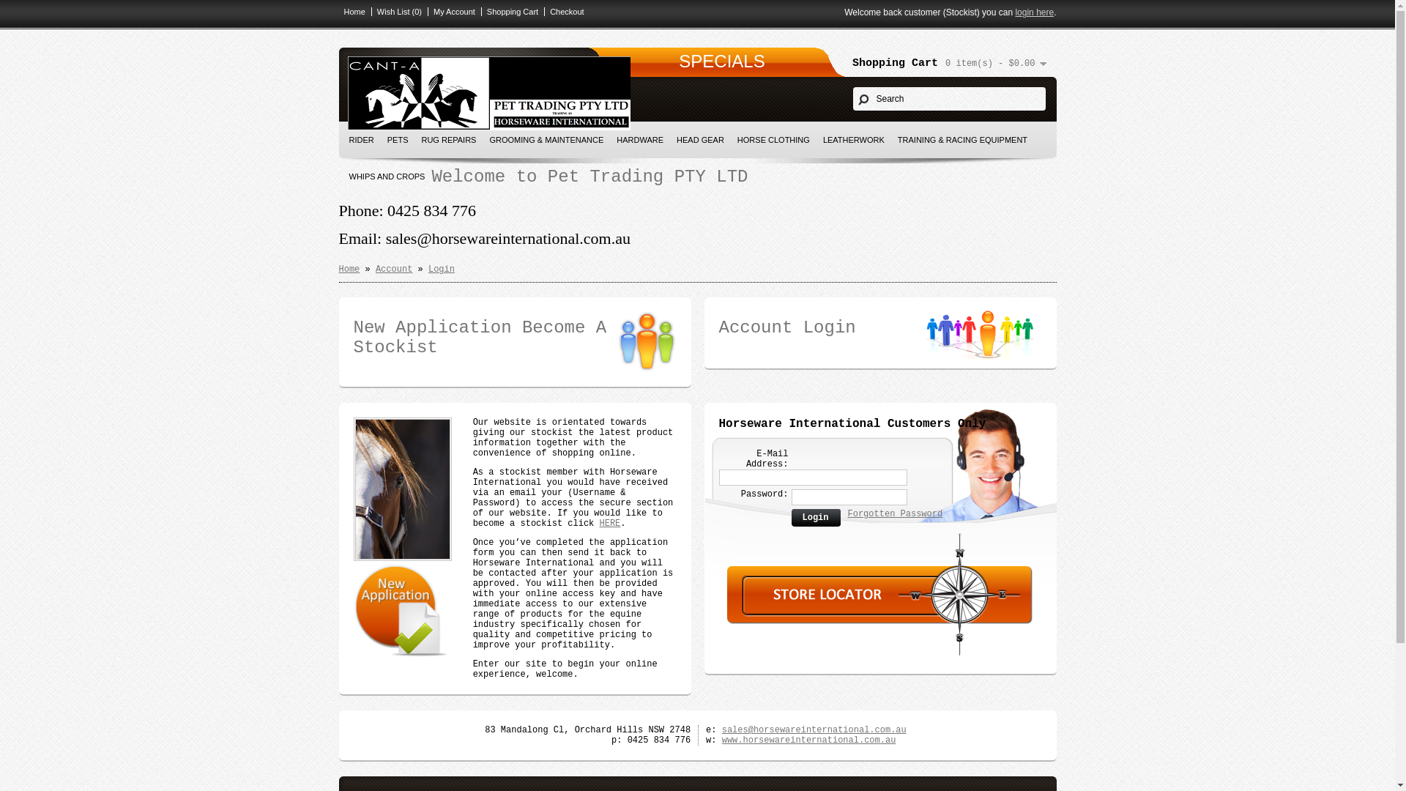 The image size is (1406, 791). Describe the element at coordinates (1033, 12) in the screenshot. I see `'login here'` at that location.